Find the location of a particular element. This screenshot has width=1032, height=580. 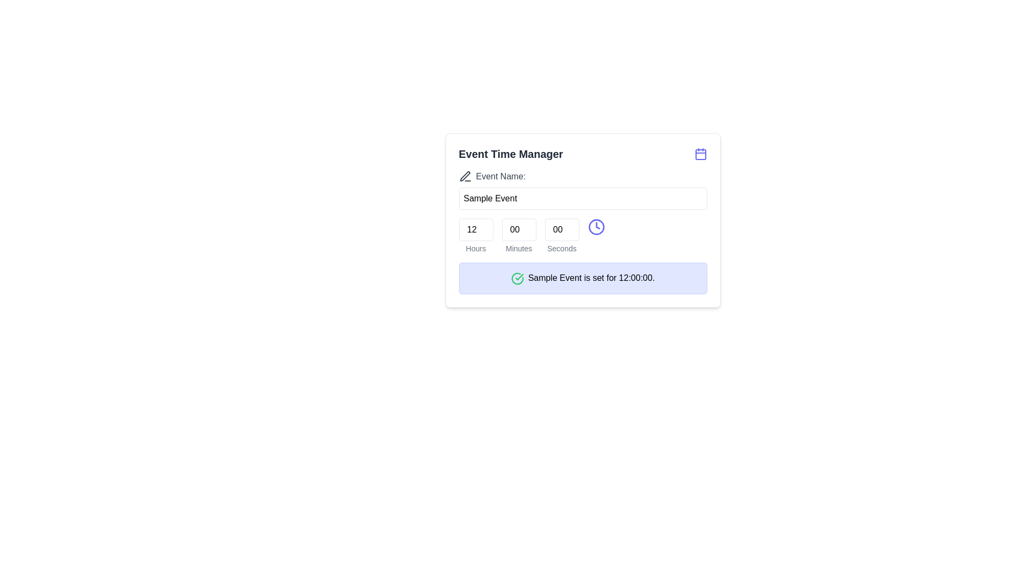

the pen icon located to the immediate left of the 'Event Name:' text in the header section is located at coordinates (465, 176).